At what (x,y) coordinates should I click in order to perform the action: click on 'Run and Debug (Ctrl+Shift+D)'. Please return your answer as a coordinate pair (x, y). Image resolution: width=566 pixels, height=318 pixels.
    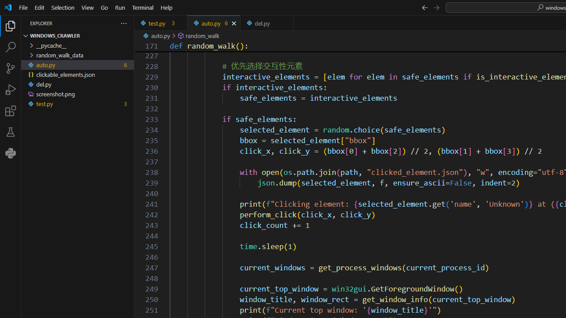
    Looking at the image, I should click on (11, 90).